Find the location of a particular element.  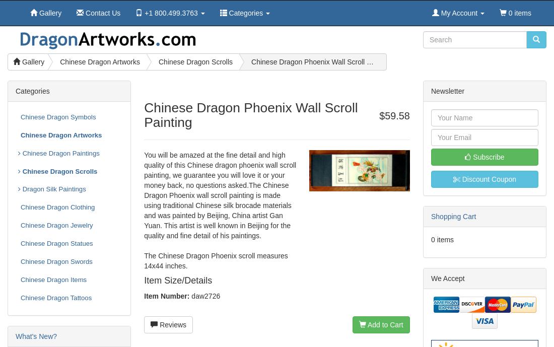

'My Account' is located at coordinates (458, 13).